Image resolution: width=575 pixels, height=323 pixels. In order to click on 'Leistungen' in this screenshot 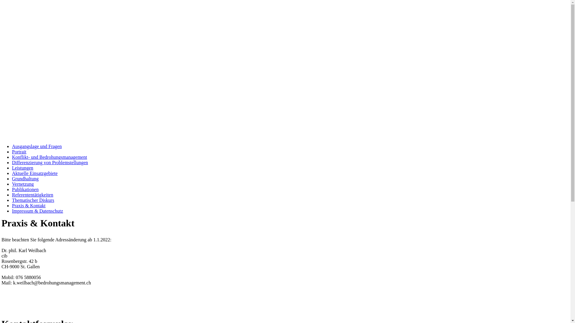, I will do `click(22, 168)`.